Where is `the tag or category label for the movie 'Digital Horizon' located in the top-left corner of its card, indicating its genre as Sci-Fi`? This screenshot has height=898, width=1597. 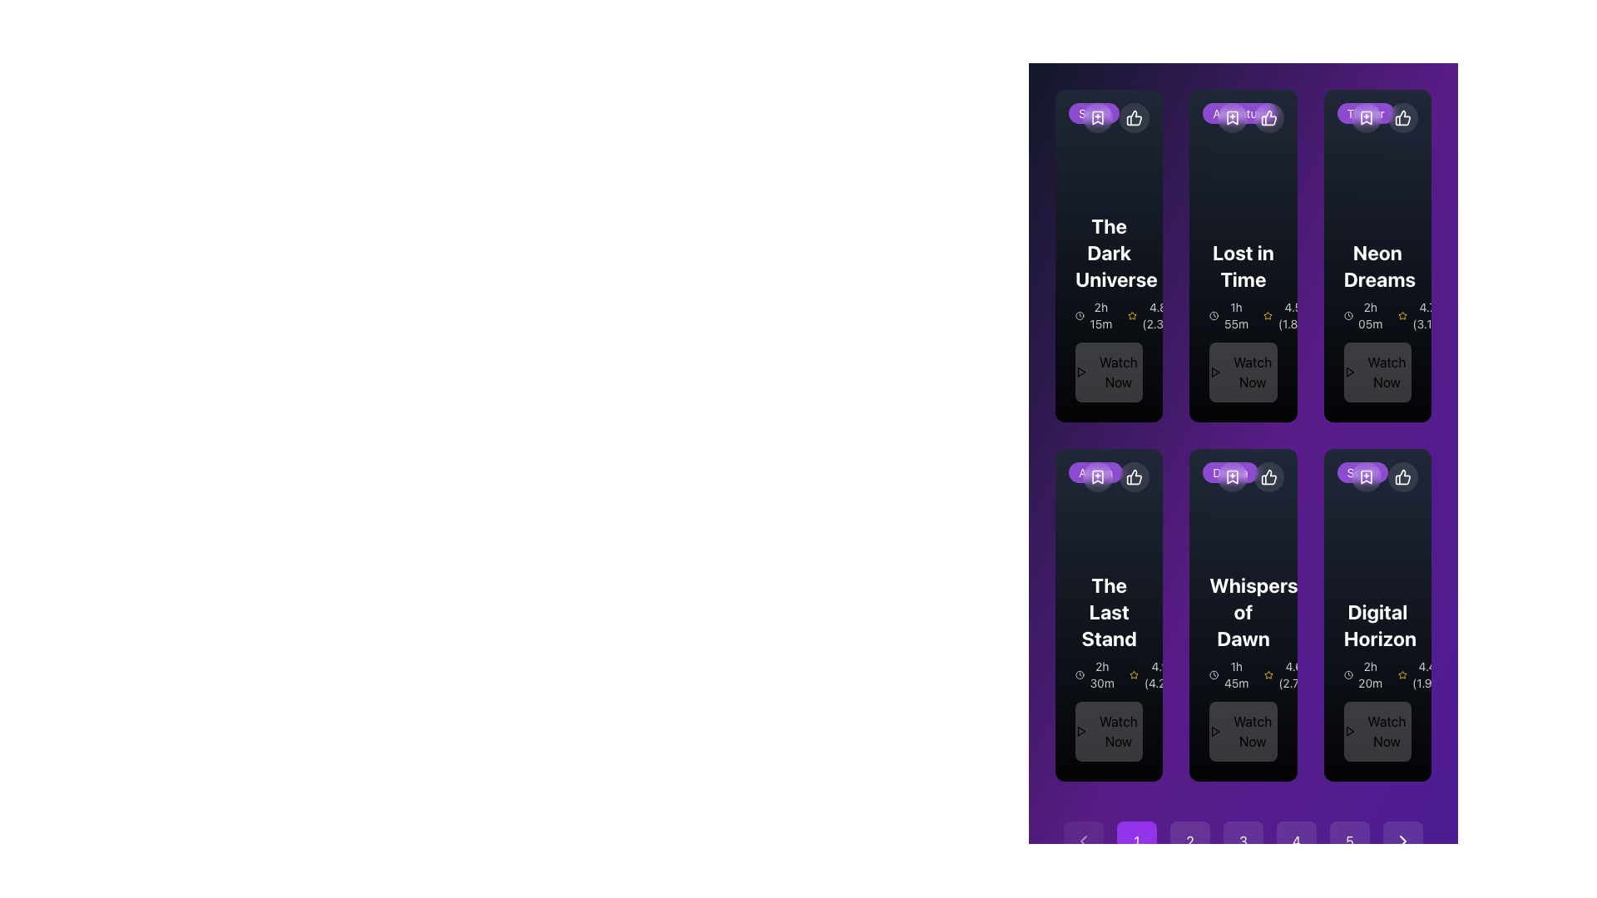 the tag or category label for the movie 'Digital Horizon' located in the top-left corner of its card, indicating its genre as Sci-Fi is located at coordinates (1362, 472).